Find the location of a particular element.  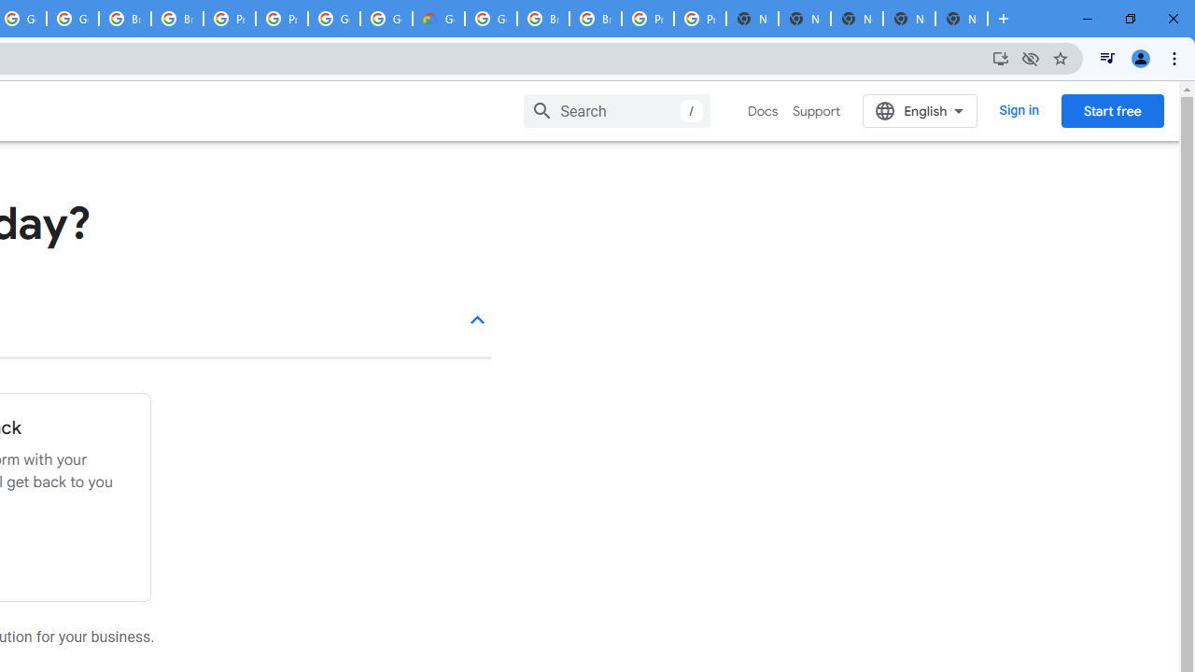

'You' is located at coordinates (1139, 57).